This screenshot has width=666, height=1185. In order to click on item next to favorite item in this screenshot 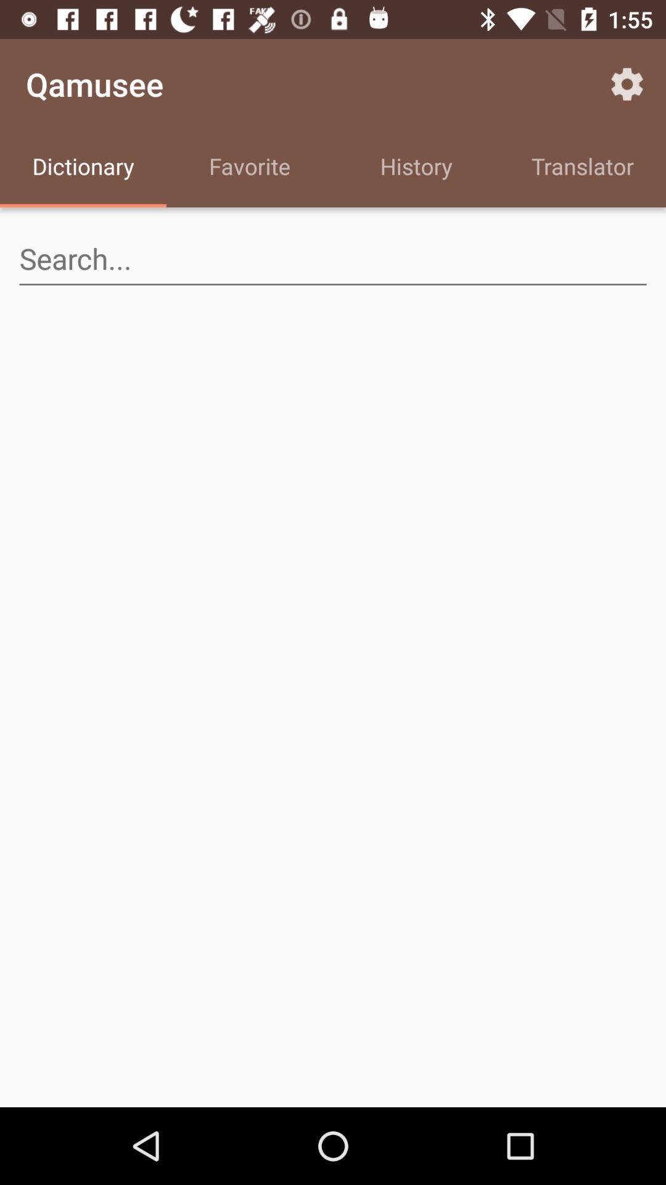, I will do `click(83, 168)`.